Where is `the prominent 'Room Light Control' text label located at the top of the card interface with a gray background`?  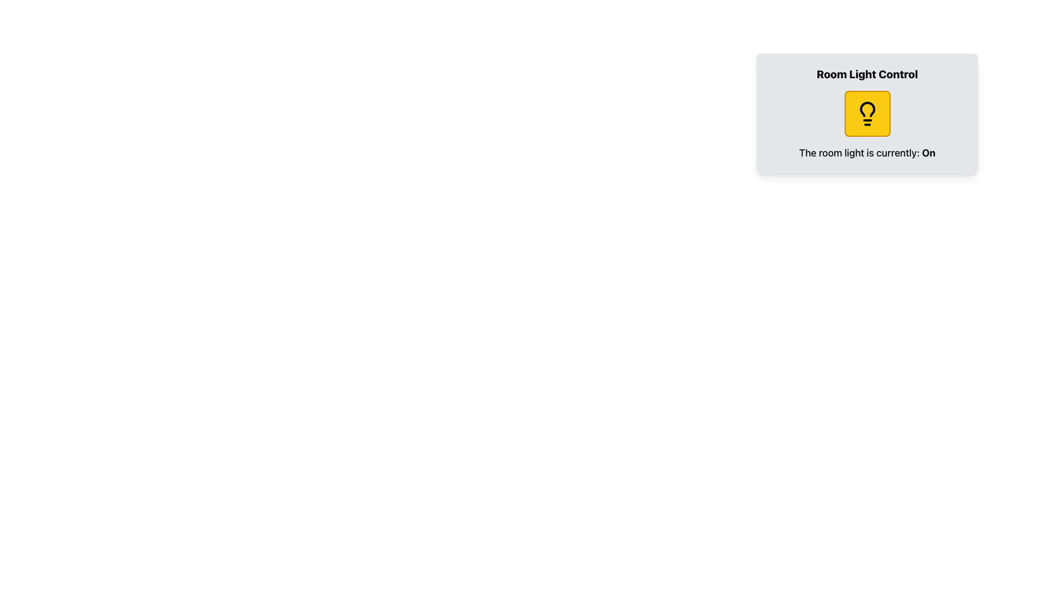
the prominent 'Room Light Control' text label located at the top of the card interface with a gray background is located at coordinates (867, 74).